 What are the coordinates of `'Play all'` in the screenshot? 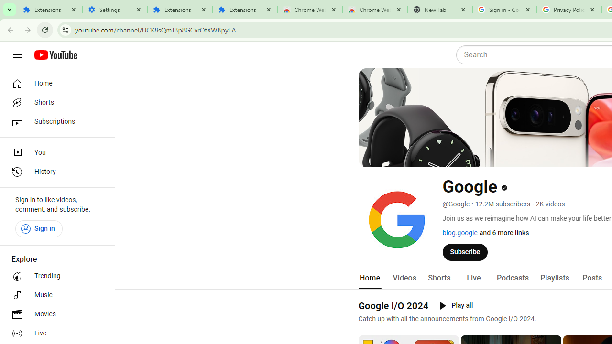 It's located at (456, 306).